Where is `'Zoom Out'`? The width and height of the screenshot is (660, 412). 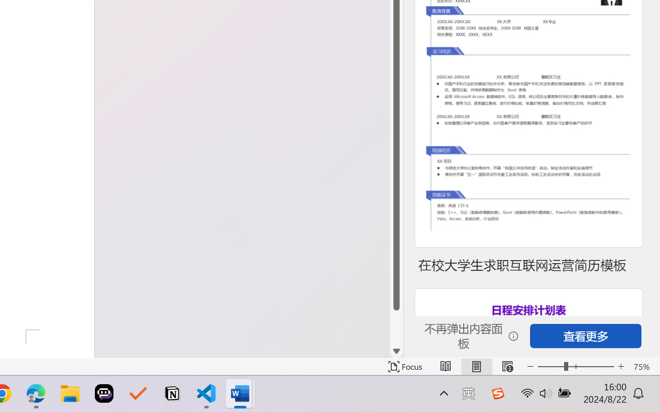 'Zoom Out' is located at coordinates (550, 366).